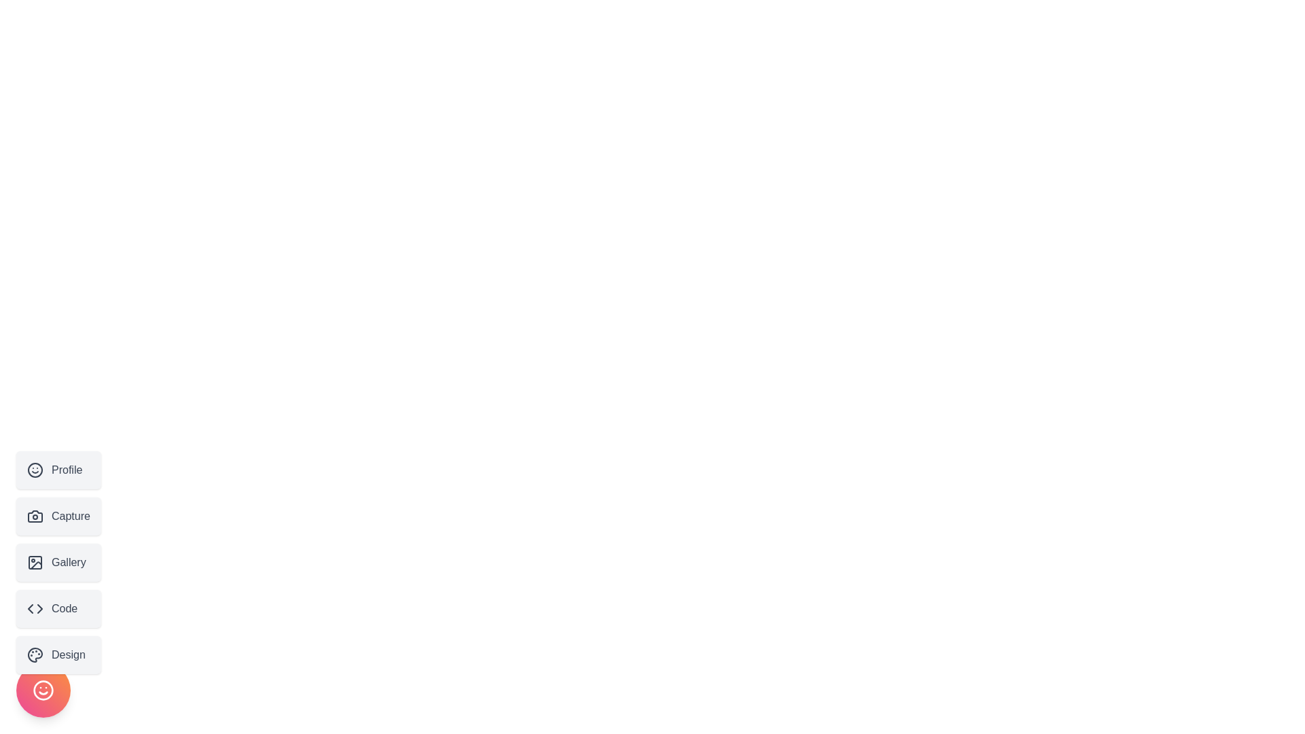 The height and width of the screenshot is (734, 1305). Describe the element at coordinates (36, 565) in the screenshot. I see `the bottom-right corner of the 'Gallery' button icon` at that location.